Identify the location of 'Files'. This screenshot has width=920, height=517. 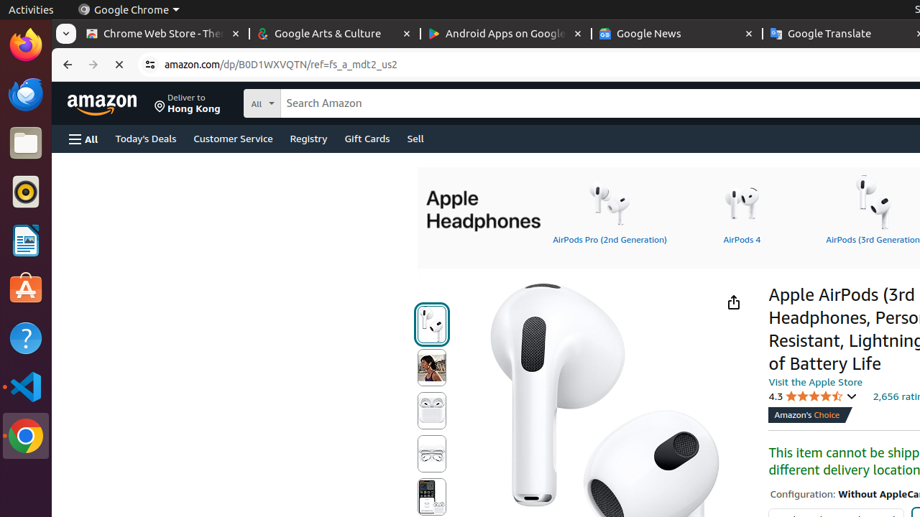
(25, 143).